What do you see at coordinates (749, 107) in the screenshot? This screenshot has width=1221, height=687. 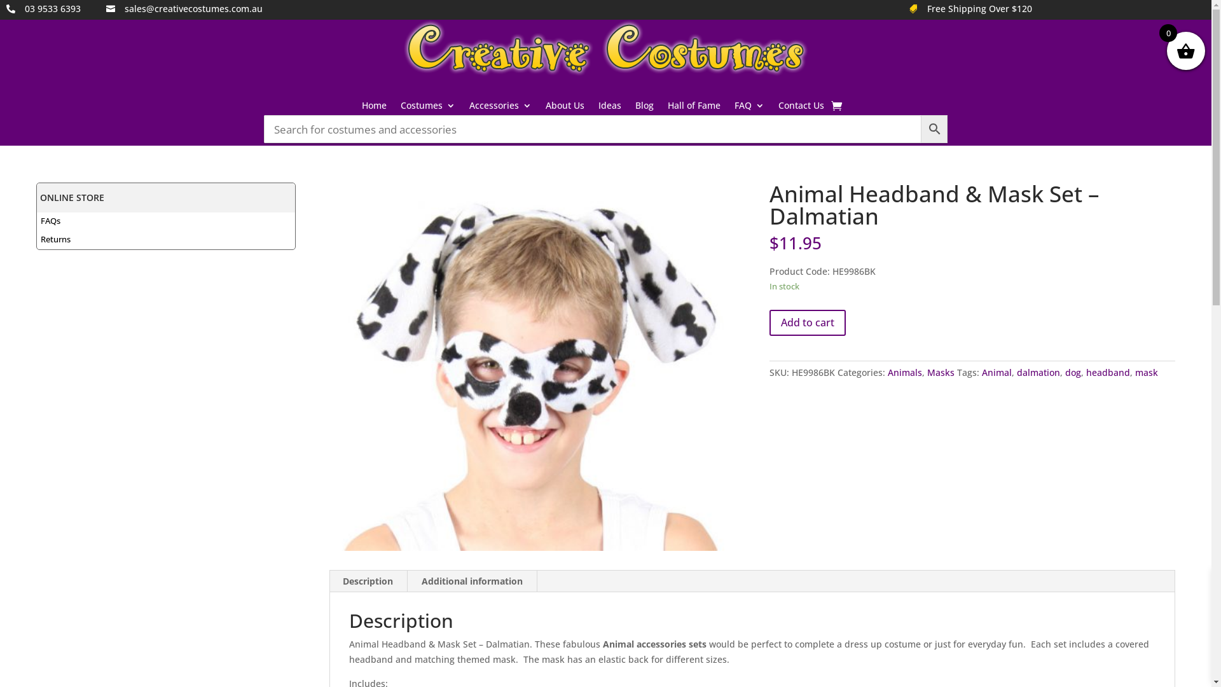 I see `'FAQ'` at bounding box center [749, 107].